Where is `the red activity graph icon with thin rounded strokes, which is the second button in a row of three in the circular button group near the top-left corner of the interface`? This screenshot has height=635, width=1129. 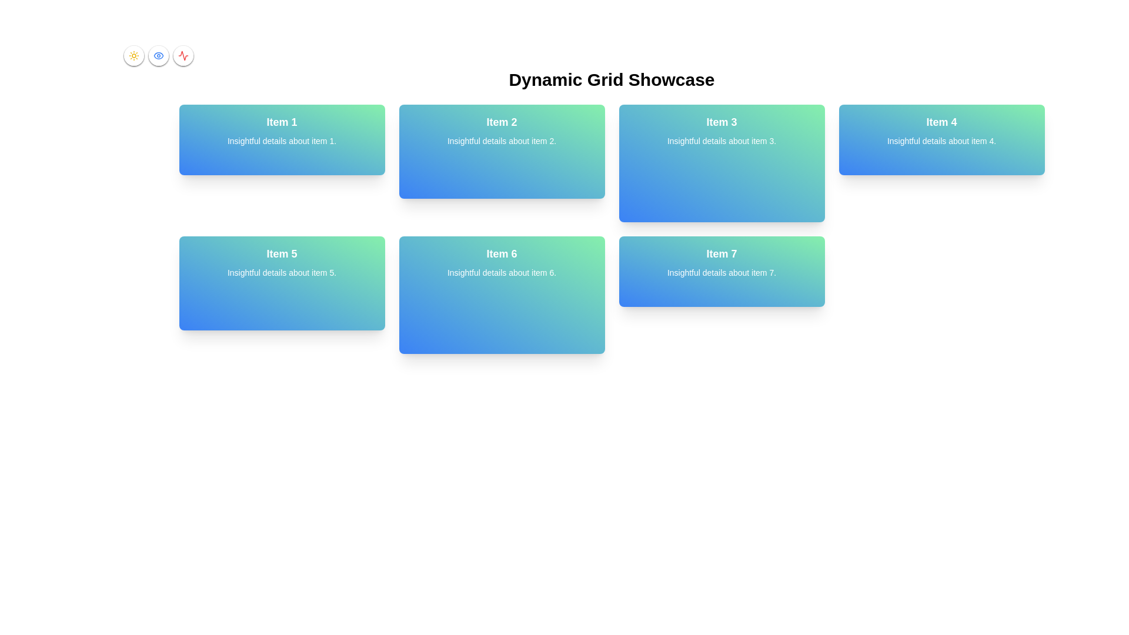 the red activity graph icon with thin rounded strokes, which is the second button in a row of three in the circular button group near the top-left corner of the interface is located at coordinates (183, 56).